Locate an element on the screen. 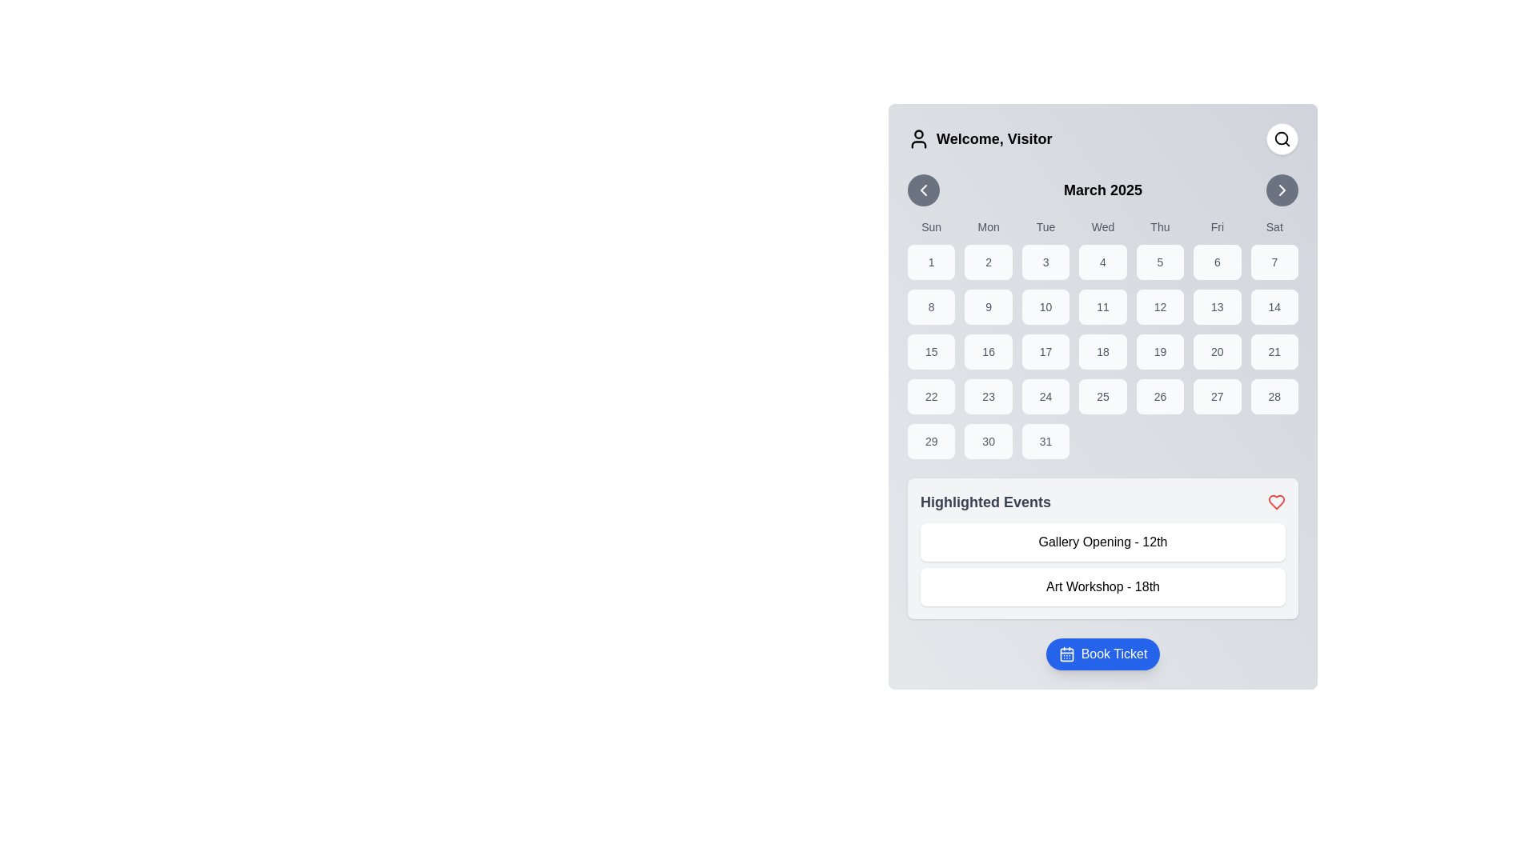 The height and width of the screenshot is (864, 1537). the button containing the number '8' centered in a medium-dark font on a light gray background, located in the third row and first column of the grid layout under the 'Sun' label in the date picker is located at coordinates (931, 307).